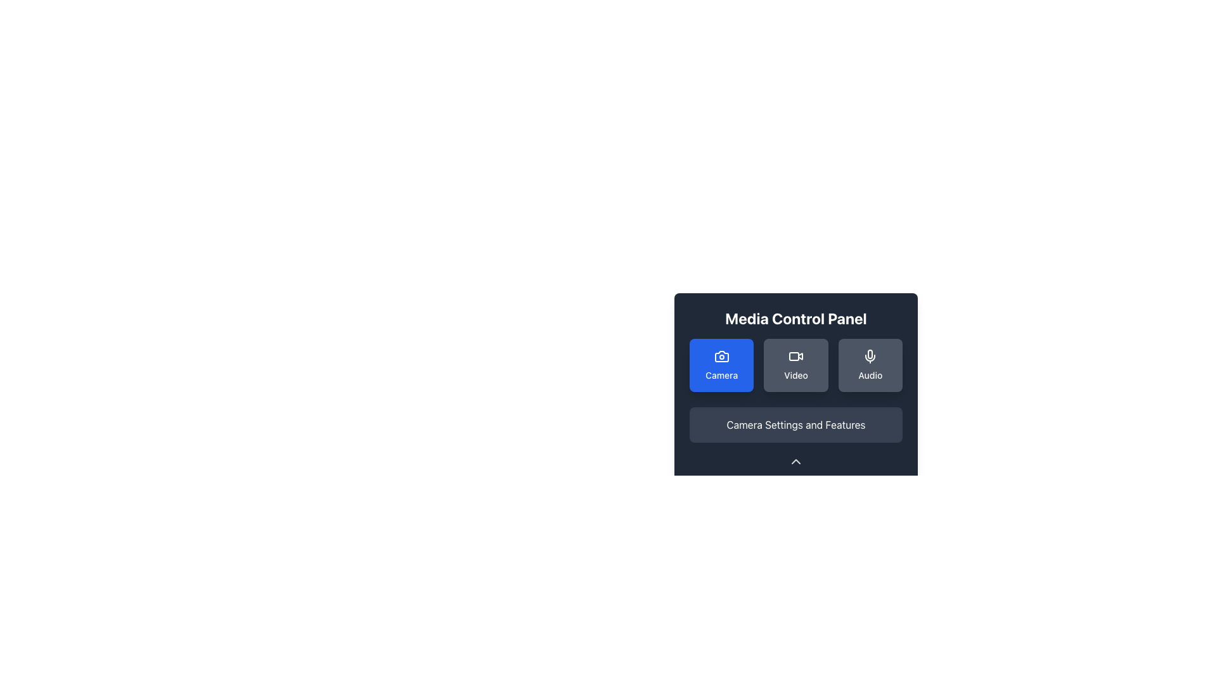 This screenshot has height=684, width=1217. I want to click on the 'Video' button, which is the second button in a row of three buttons in the media control panel, so click(795, 365).